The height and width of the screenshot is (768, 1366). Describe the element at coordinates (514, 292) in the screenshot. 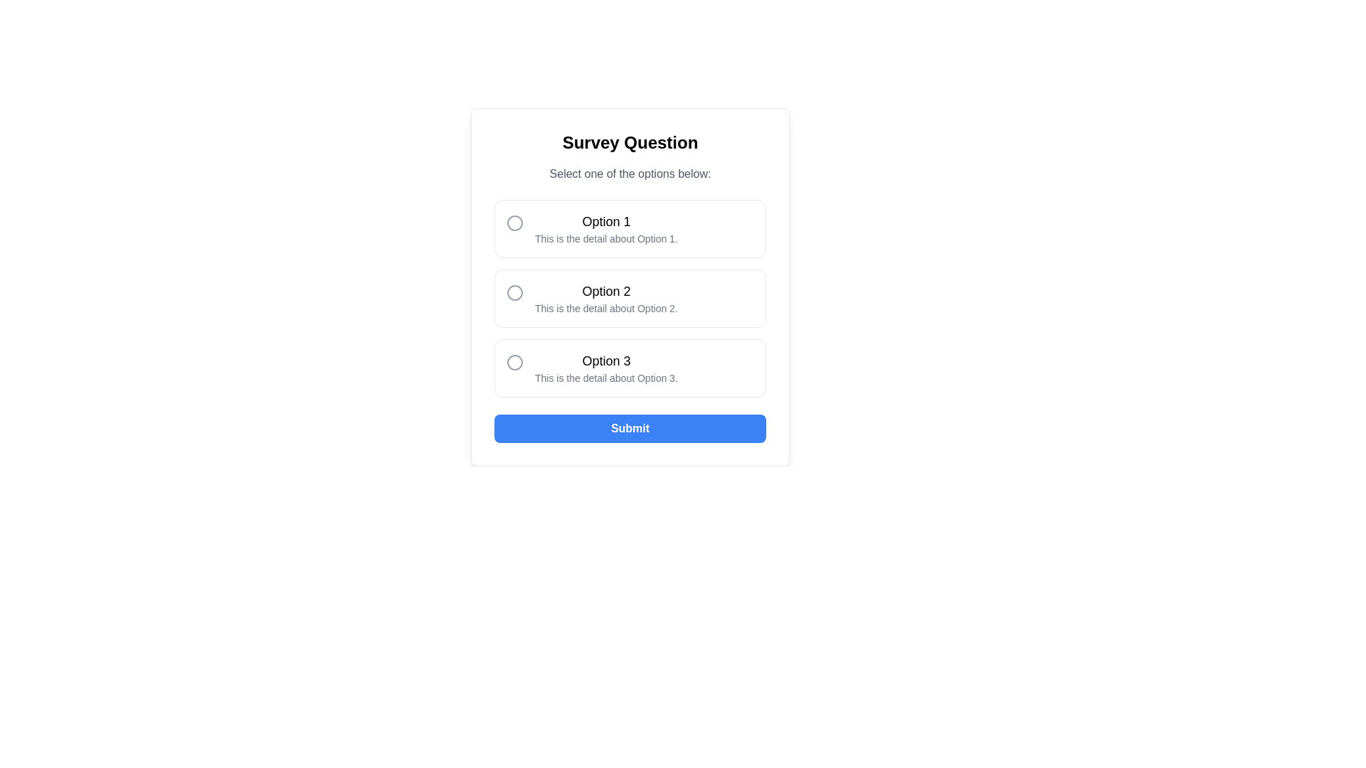

I see `the inner circular part of the second radio button option, which is styled in light gray and is part of the 'Option 2' selection beneath the title 'Survey Question'` at that location.